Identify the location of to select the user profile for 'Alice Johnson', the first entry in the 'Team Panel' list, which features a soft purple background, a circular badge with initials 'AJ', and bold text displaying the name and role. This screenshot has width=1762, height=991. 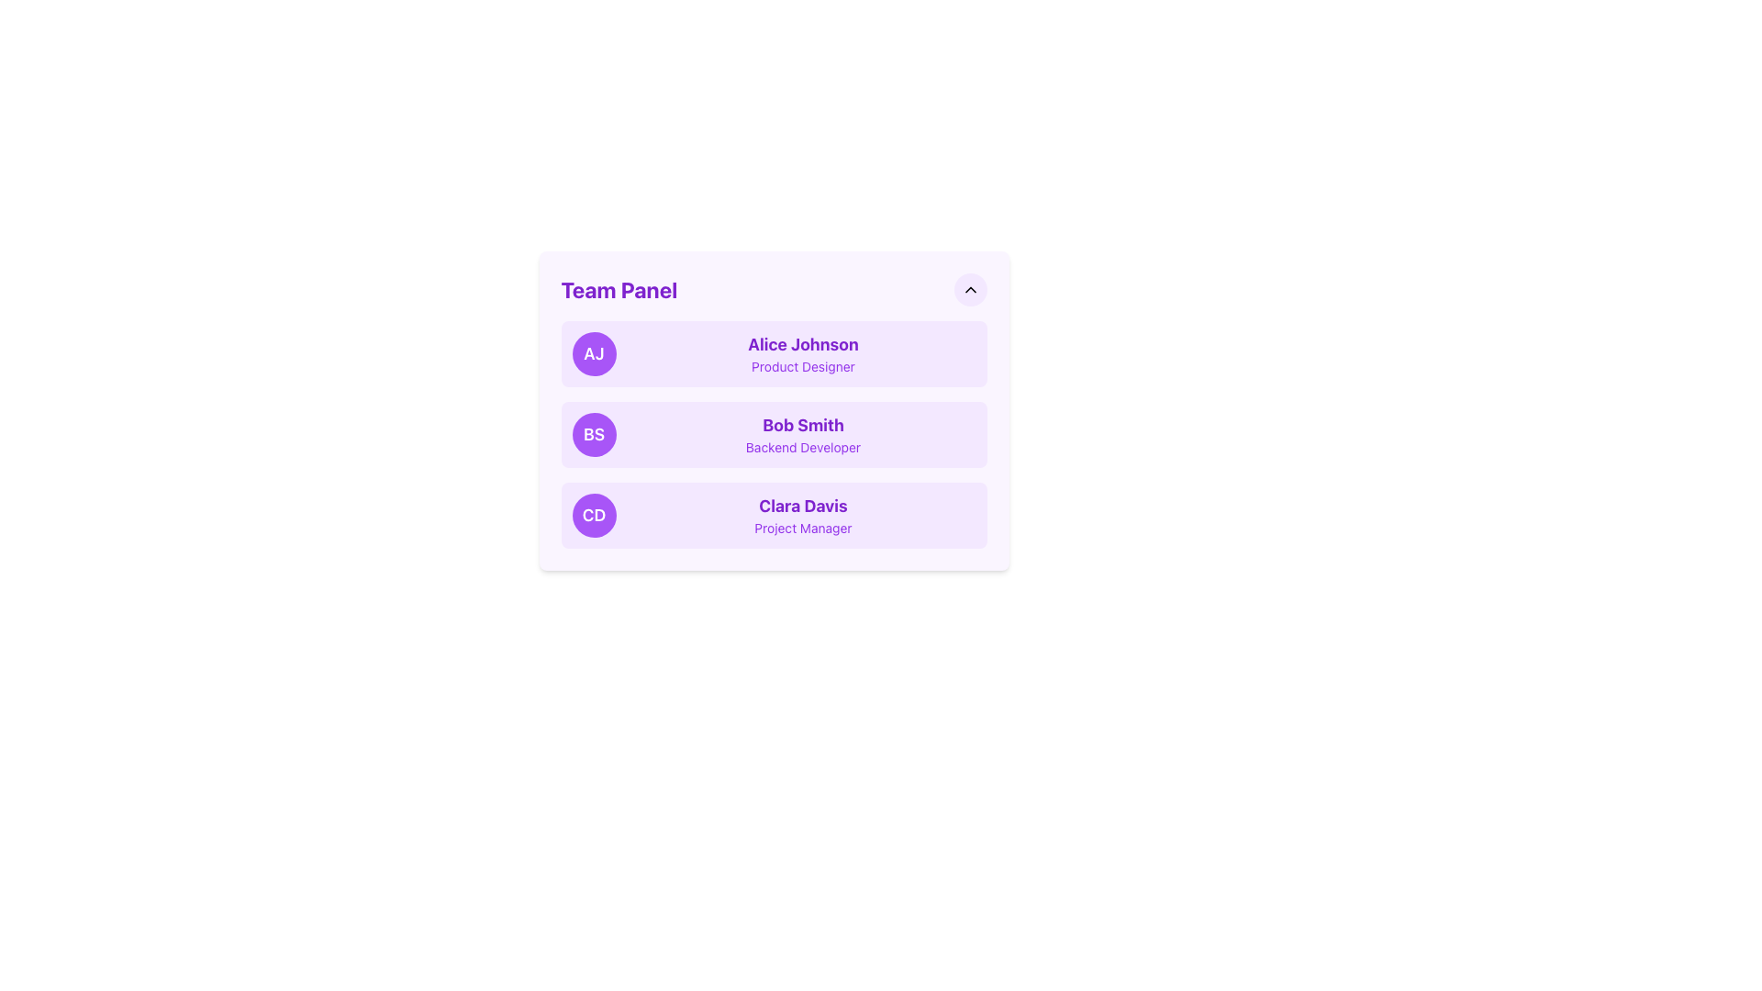
(774, 353).